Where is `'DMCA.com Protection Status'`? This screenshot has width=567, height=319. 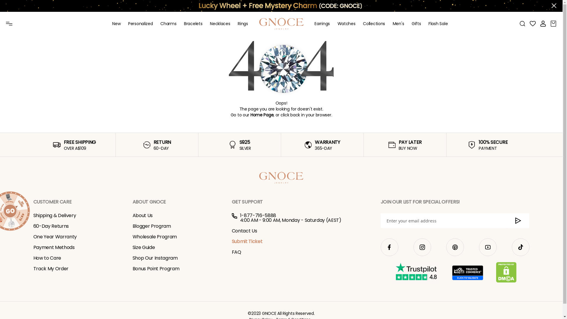 'DMCA.com Protection Status' is located at coordinates (506, 273).